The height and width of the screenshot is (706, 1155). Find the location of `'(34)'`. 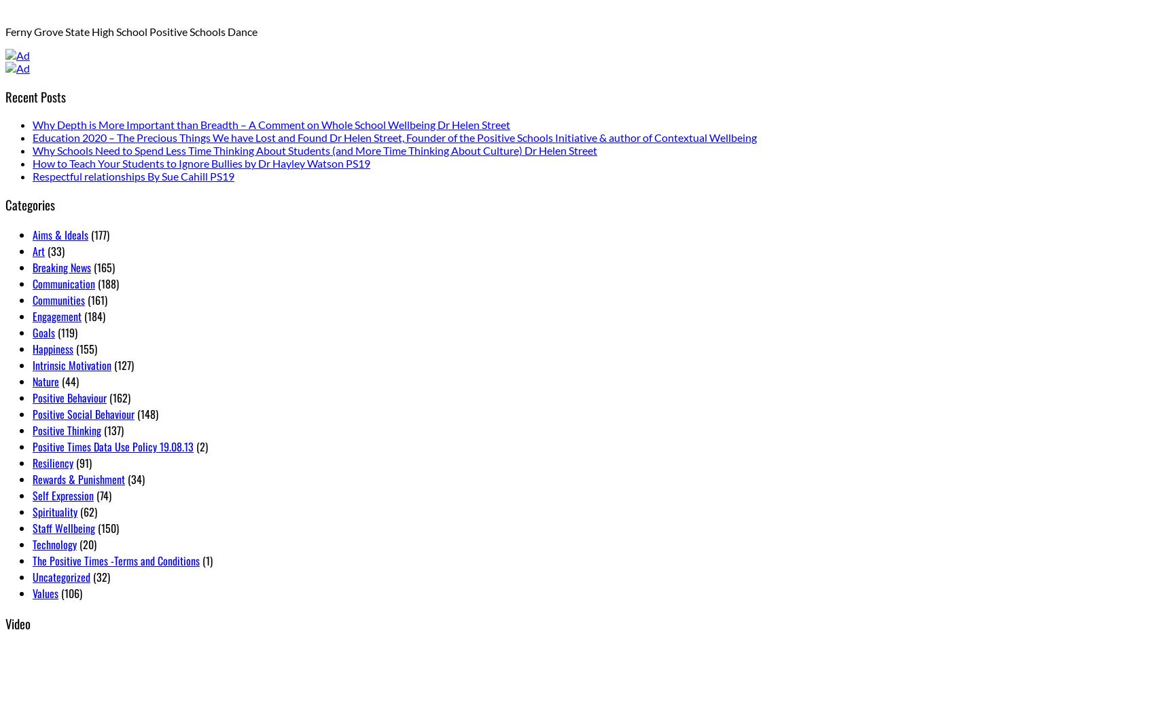

'(34)' is located at coordinates (124, 479).